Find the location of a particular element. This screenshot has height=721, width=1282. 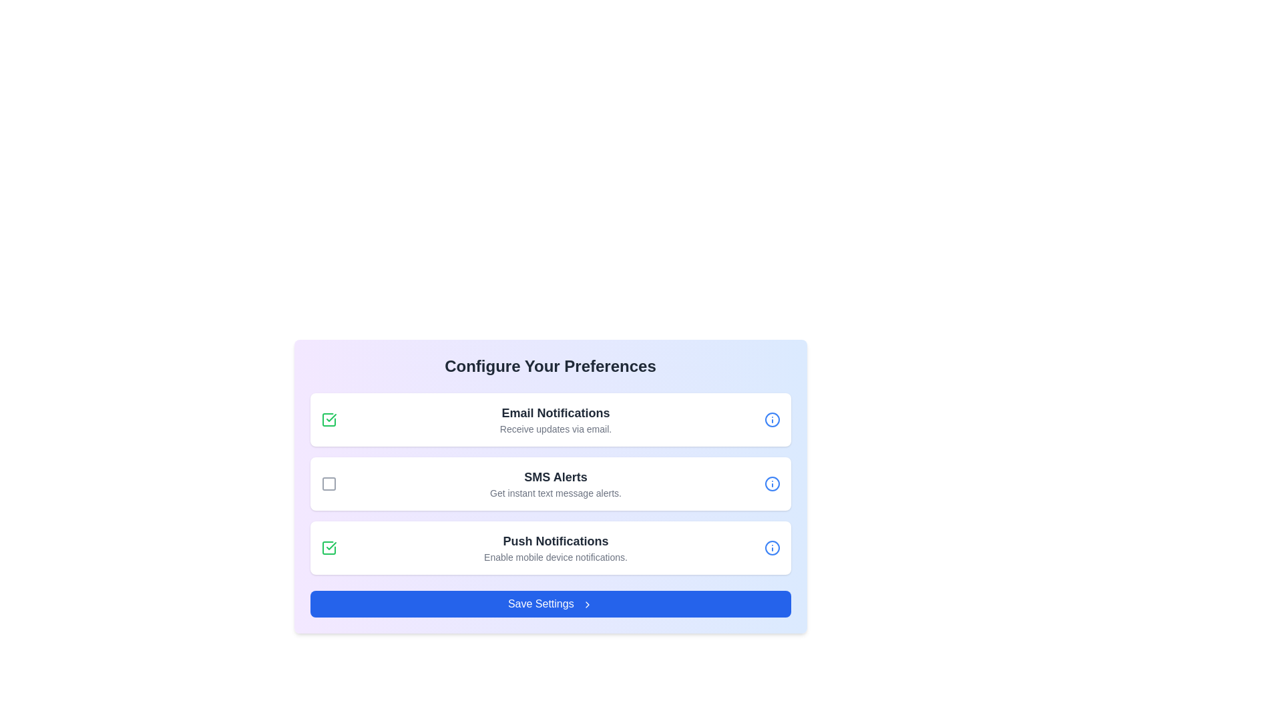

the informational icon located at the far right end of the 'Push Notifications' section is located at coordinates (772, 548).